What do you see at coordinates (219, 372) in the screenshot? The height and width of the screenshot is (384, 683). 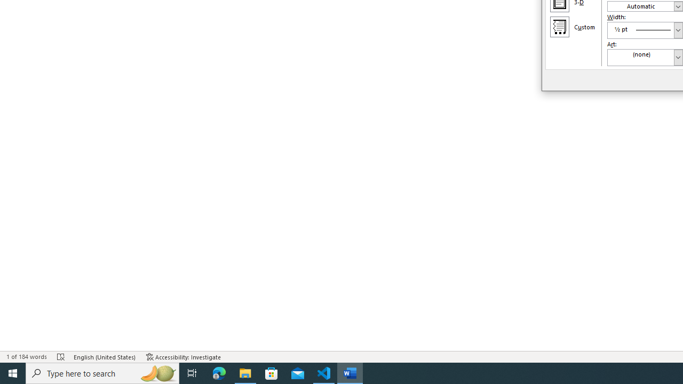 I see `'Microsoft Edge'` at bounding box center [219, 372].